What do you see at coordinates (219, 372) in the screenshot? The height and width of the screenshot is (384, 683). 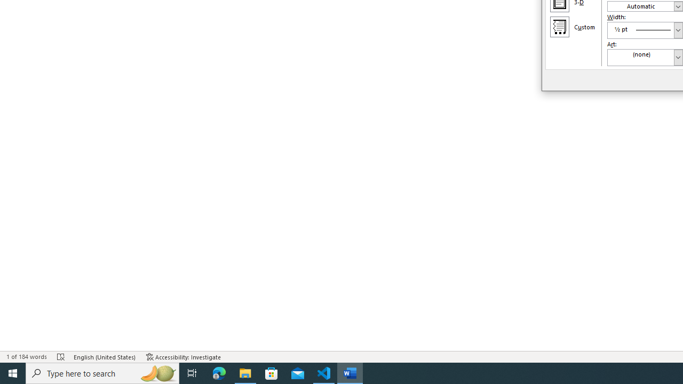 I see `'Microsoft Edge'` at bounding box center [219, 372].